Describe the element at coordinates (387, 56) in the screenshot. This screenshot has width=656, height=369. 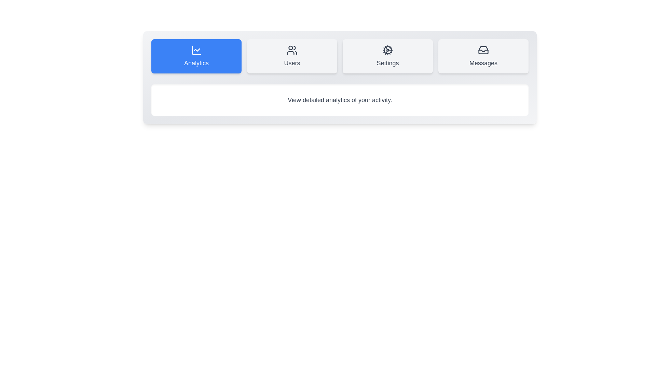
I see `the Settings tab to see its hover effect` at that location.